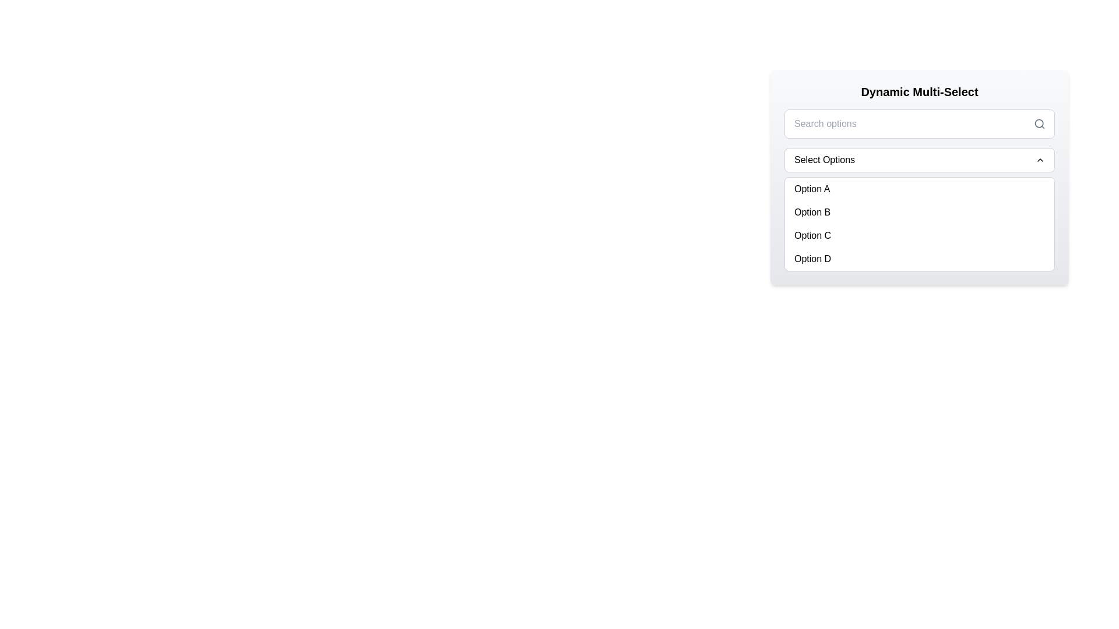 The image size is (1119, 629). Describe the element at coordinates (919, 236) in the screenshot. I see `the list item labeled 'Option C' within the dropdown menu` at that location.